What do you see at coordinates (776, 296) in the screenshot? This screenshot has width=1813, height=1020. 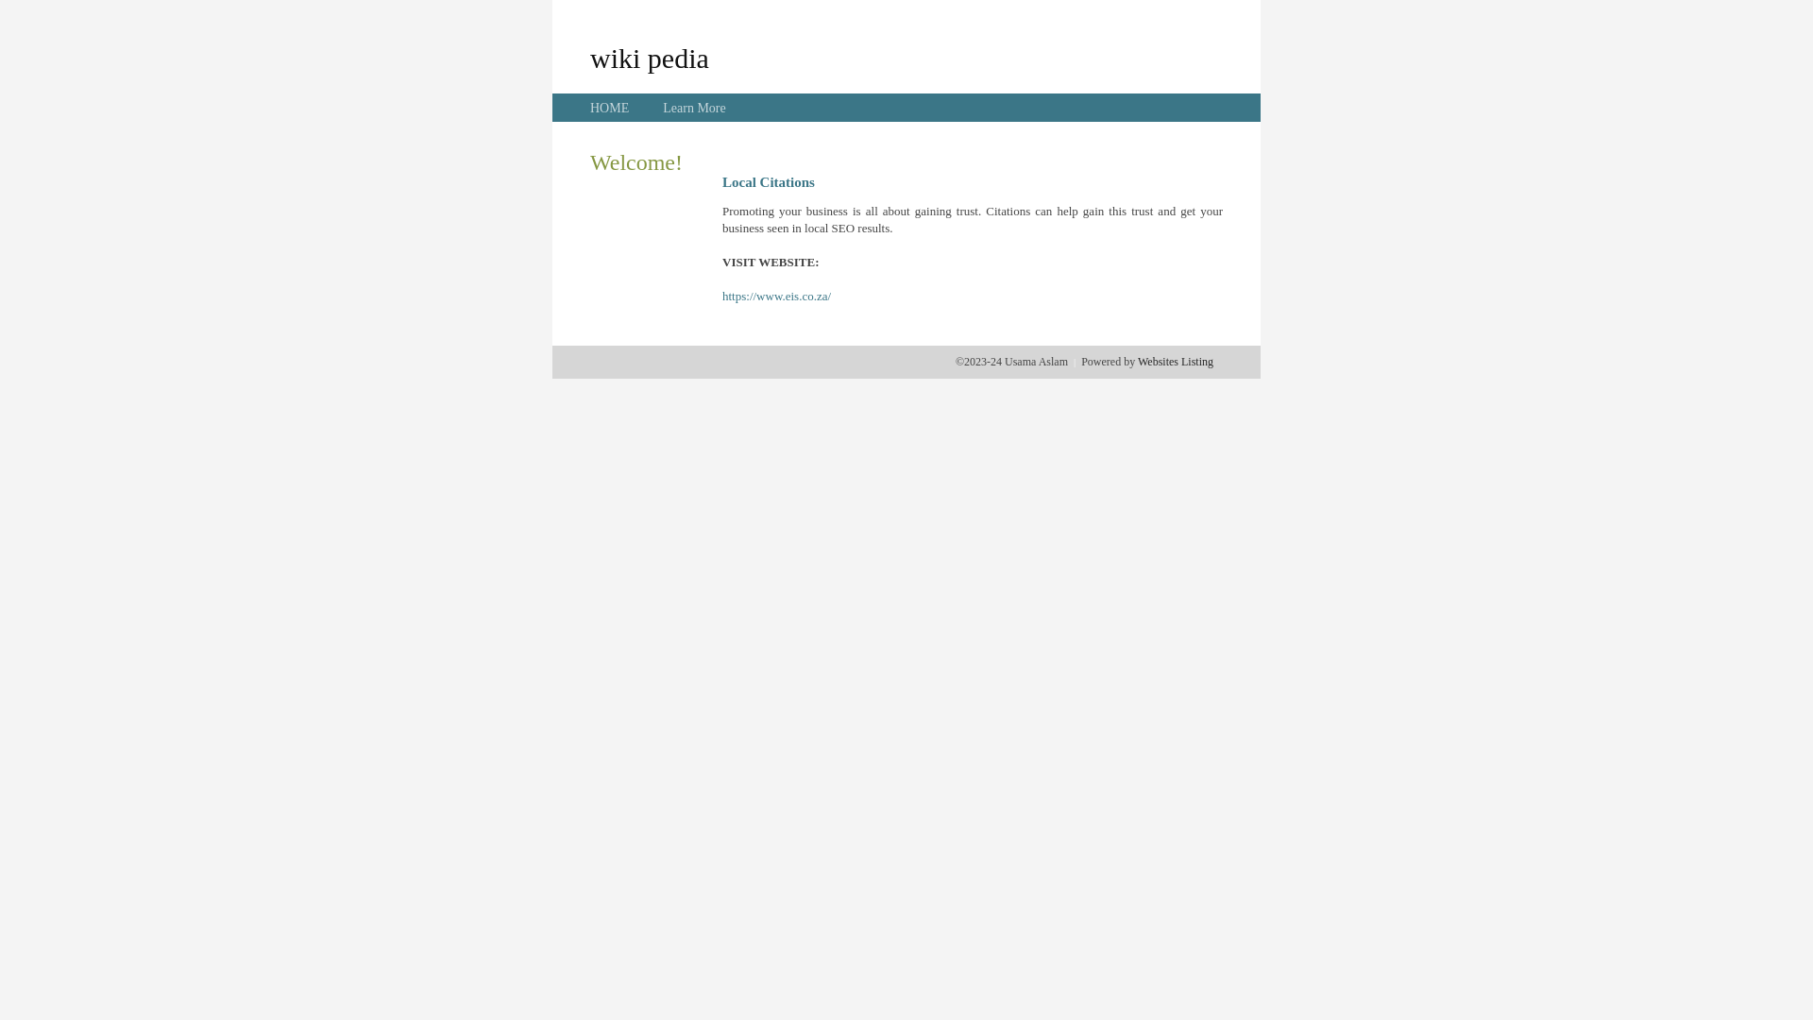 I see `'https://www.eis.co.za/'` at bounding box center [776, 296].